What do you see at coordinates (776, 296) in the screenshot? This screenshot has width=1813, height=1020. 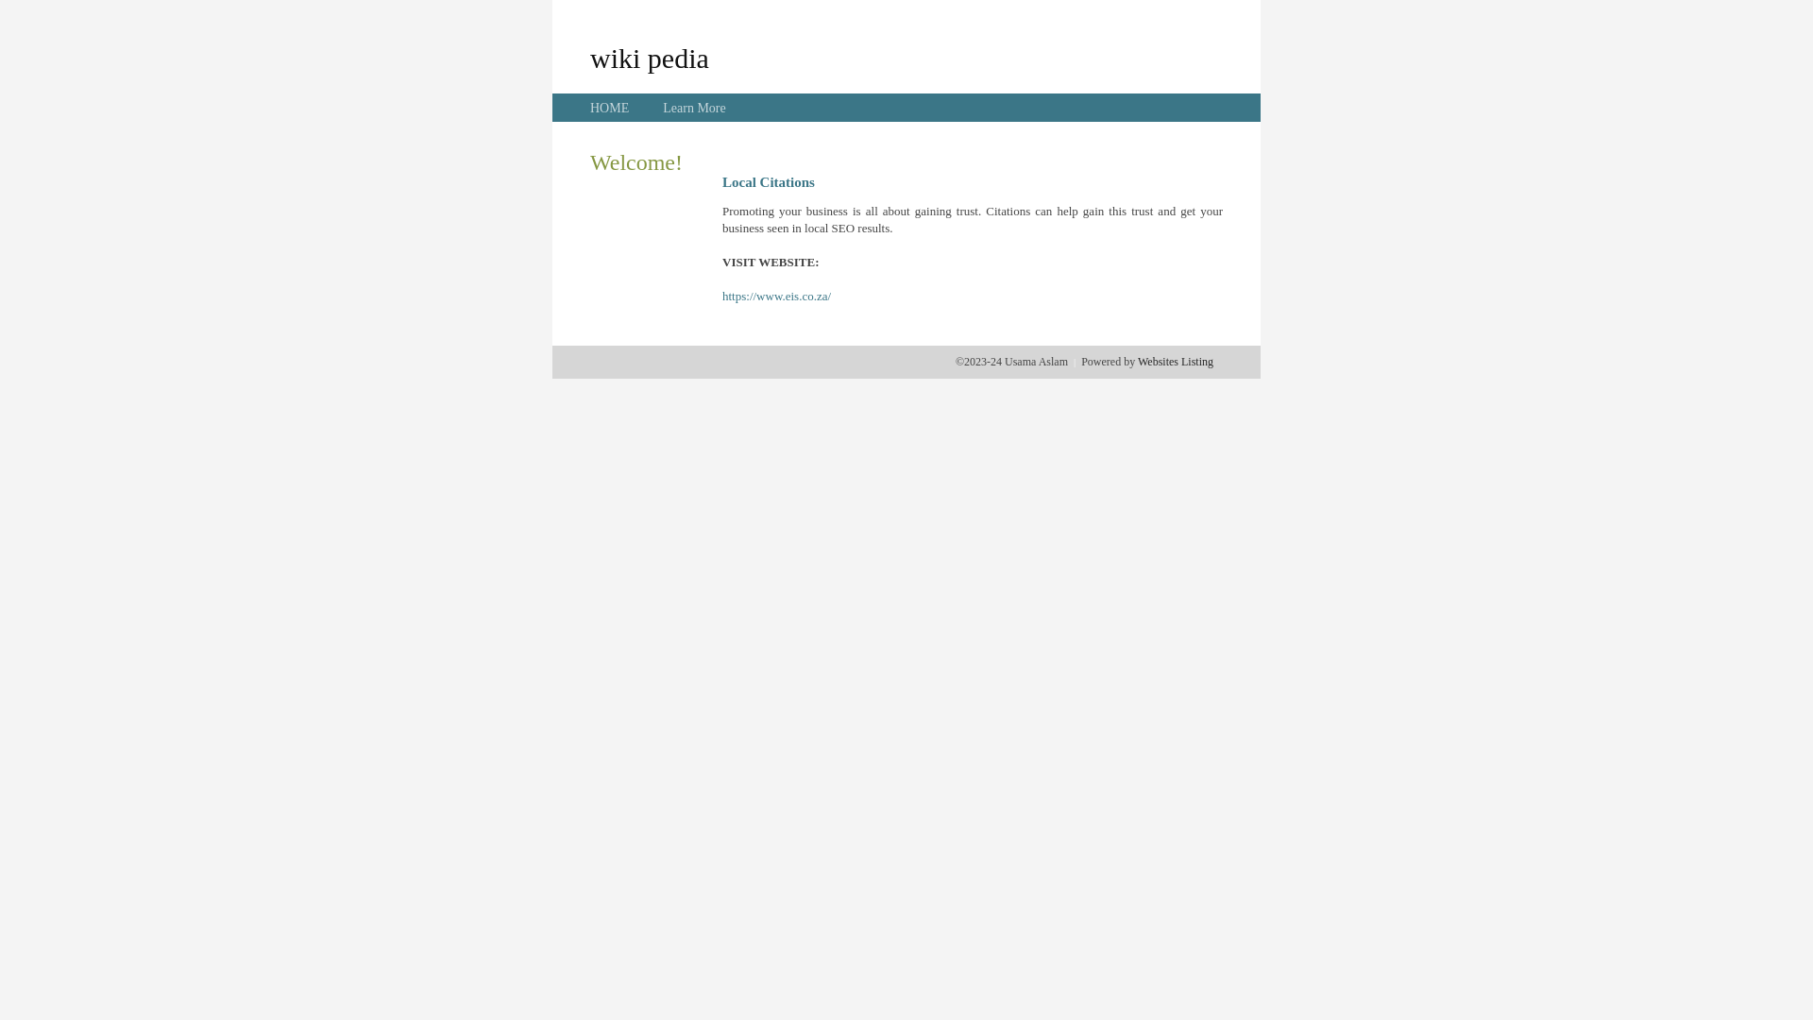 I see `'https://www.eis.co.za/'` at bounding box center [776, 296].